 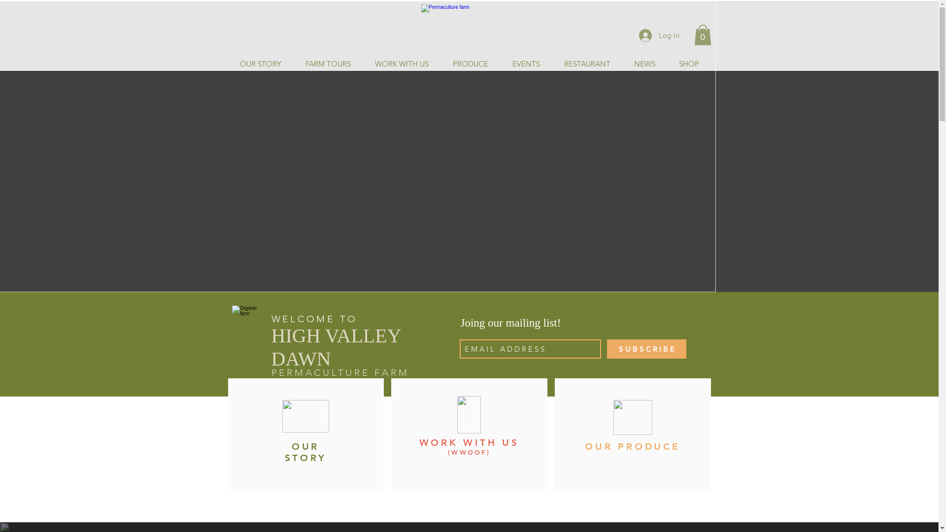 What do you see at coordinates (584, 446) in the screenshot?
I see `'OUR PRODUCE'` at bounding box center [584, 446].